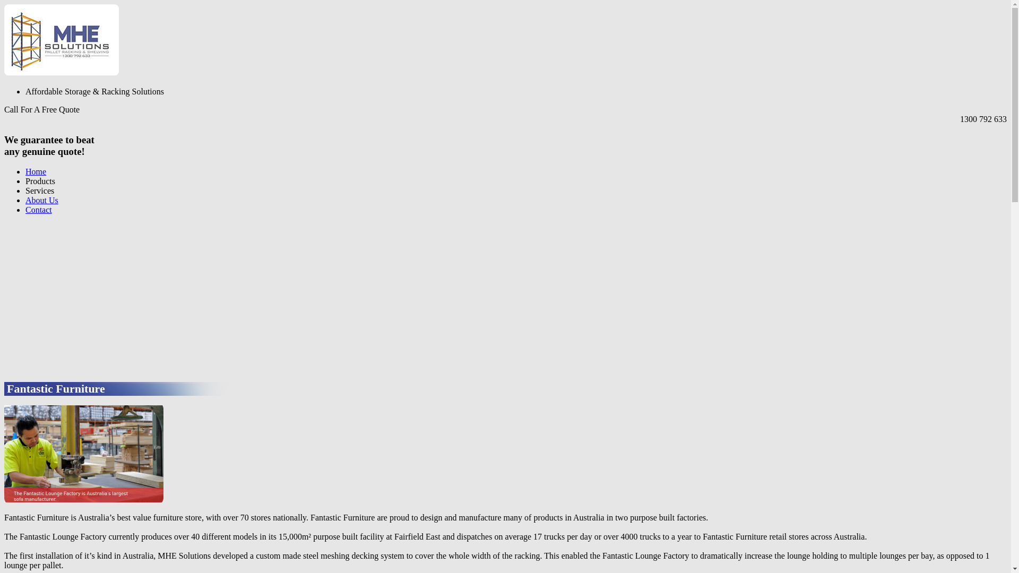 The width and height of the screenshot is (1019, 573). Describe the element at coordinates (36, 171) in the screenshot. I see `'Home'` at that location.